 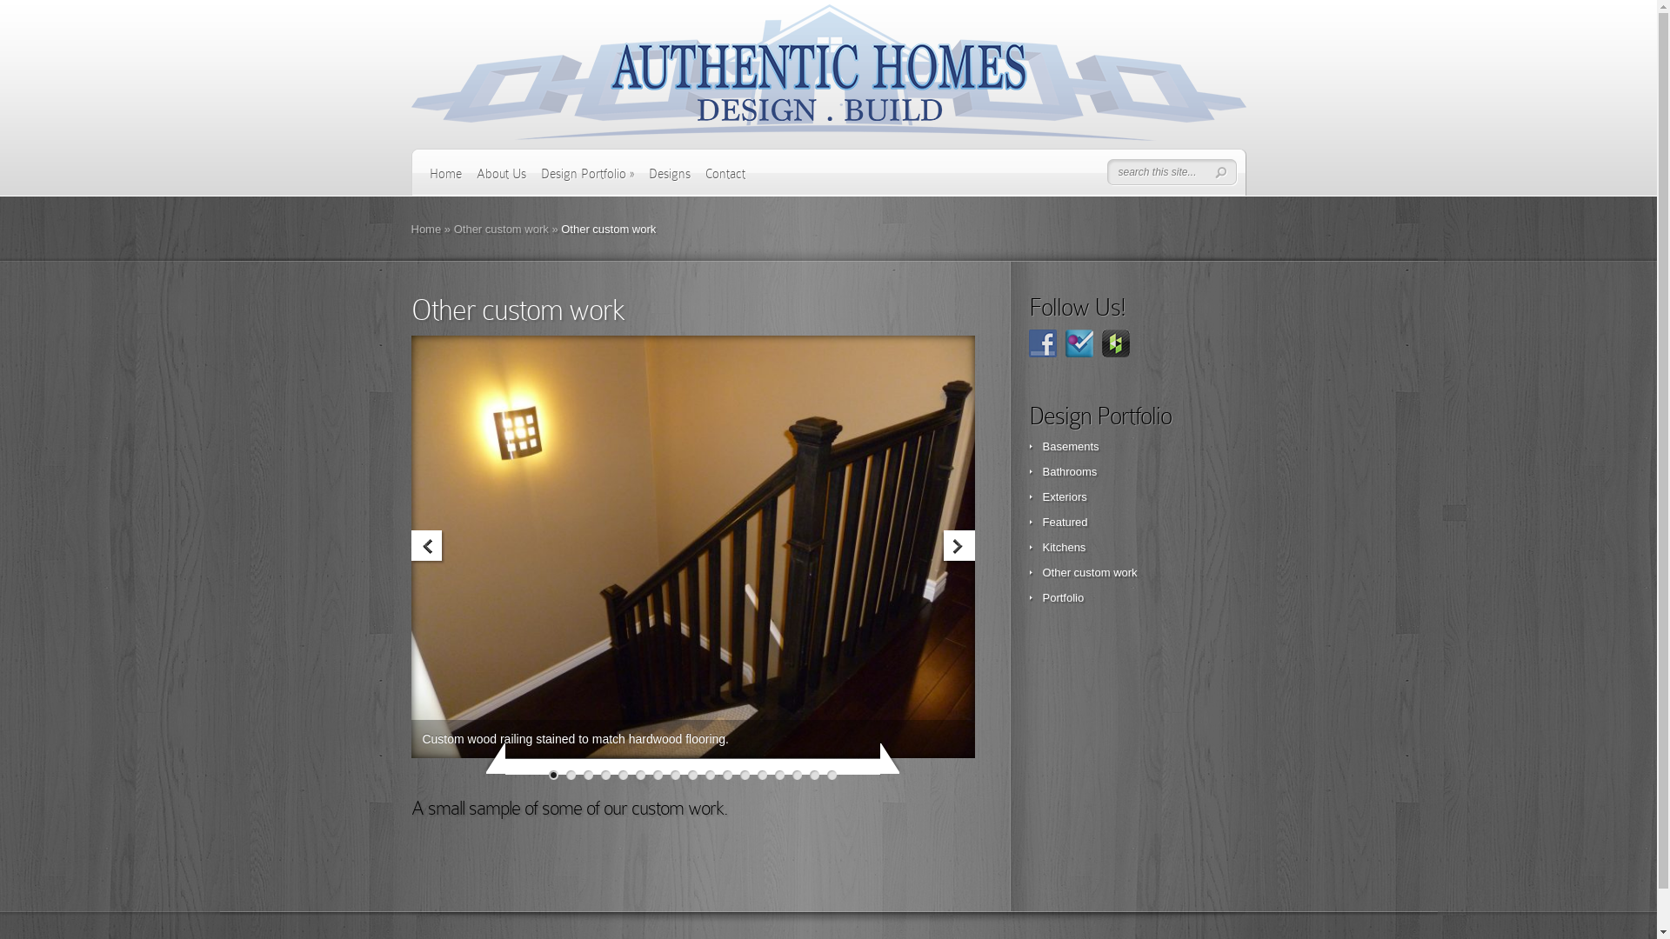 What do you see at coordinates (813, 774) in the screenshot?
I see `'16'` at bounding box center [813, 774].